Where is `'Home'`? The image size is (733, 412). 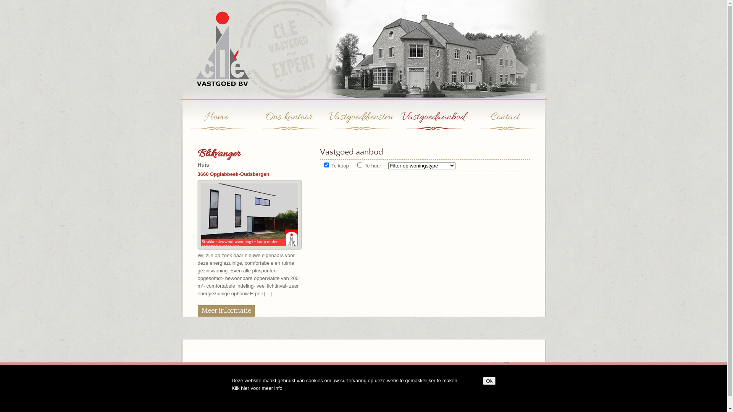
'Home' is located at coordinates (216, 124).